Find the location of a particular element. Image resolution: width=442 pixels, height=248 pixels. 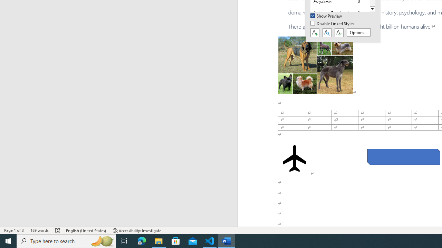

'Morphological variation in six dogs' is located at coordinates (315, 65).